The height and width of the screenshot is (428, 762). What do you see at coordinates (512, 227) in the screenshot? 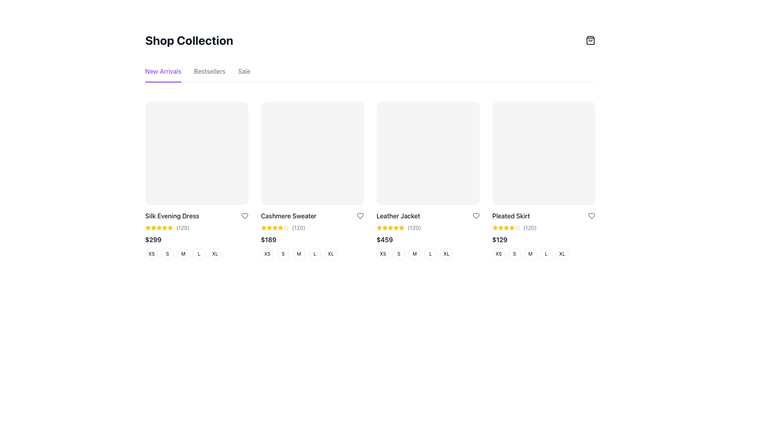
I see `the vibrant yellow star icon representing the fourth star in the five-star rating sequence located below the 'Pleated Skirt' product label in the last product card of the fourth column` at bounding box center [512, 227].